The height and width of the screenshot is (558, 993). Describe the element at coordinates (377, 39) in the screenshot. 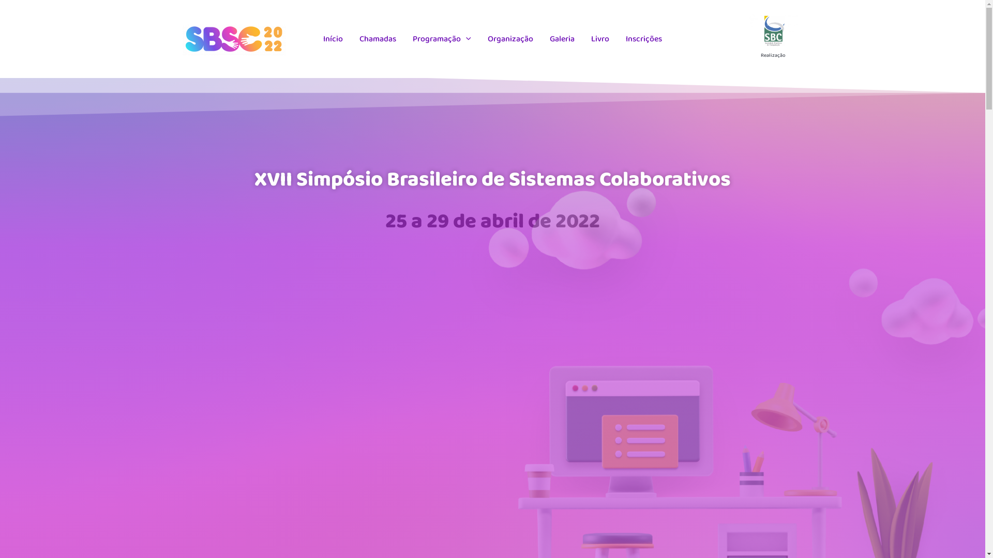

I see `'Chamadas'` at that location.